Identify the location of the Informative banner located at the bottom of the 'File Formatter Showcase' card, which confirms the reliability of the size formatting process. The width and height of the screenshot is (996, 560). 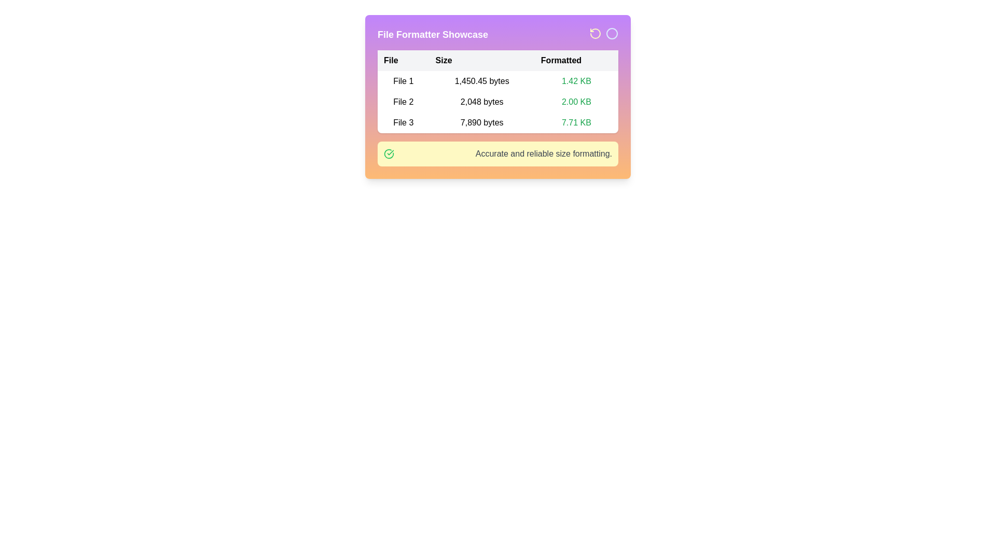
(498, 154).